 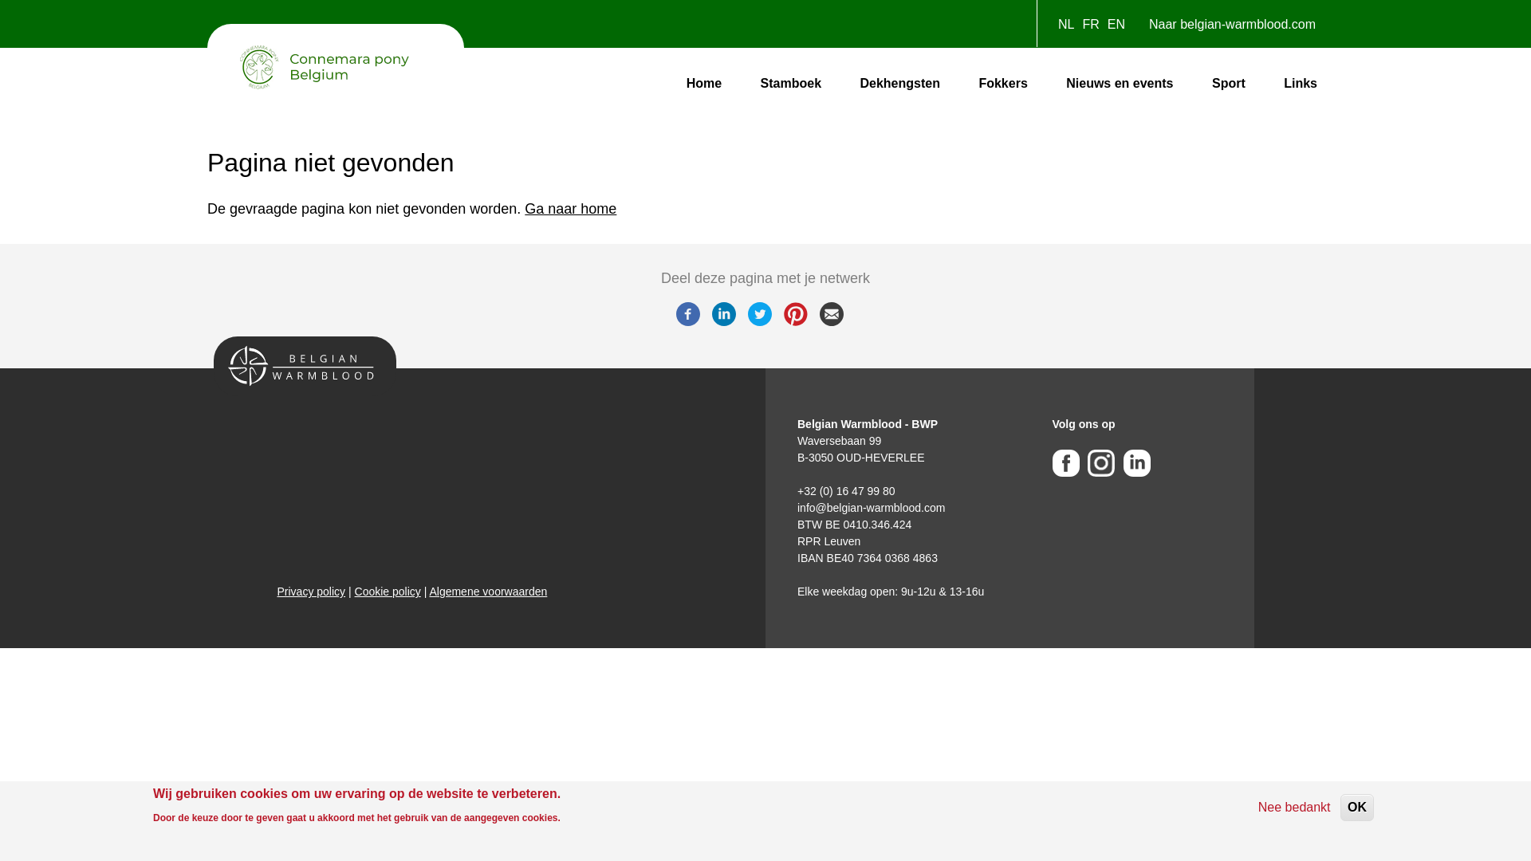 What do you see at coordinates (703, 83) in the screenshot?
I see `'Home'` at bounding box center [703, 83].